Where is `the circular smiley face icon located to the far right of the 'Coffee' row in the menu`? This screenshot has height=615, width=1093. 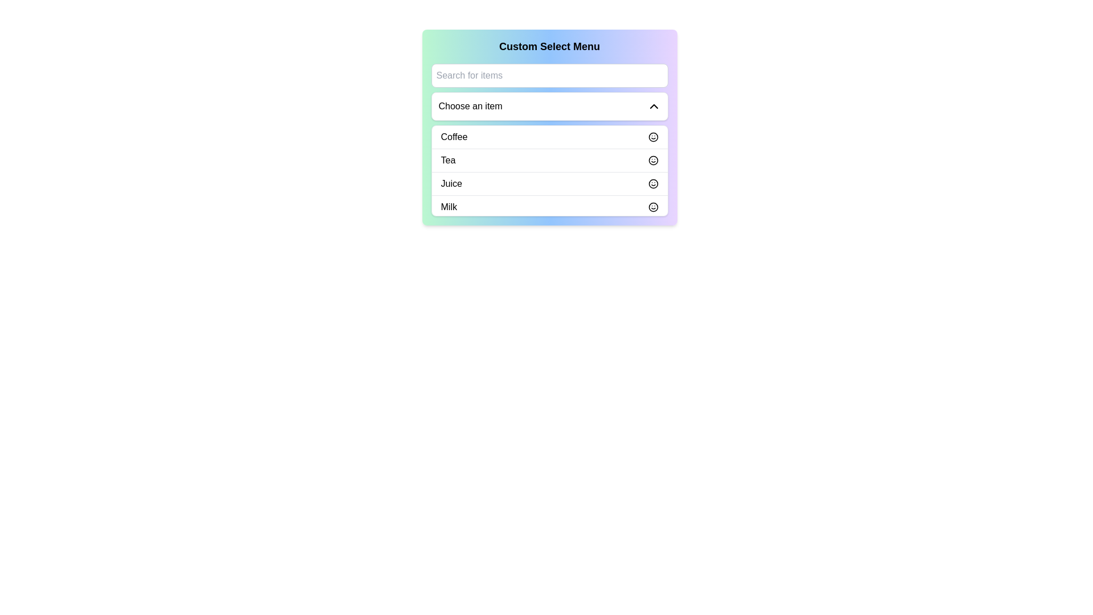 the circular smiley face icon located to the far right of the 'Coffee' row in the menu is located at coordinates (653, 136).